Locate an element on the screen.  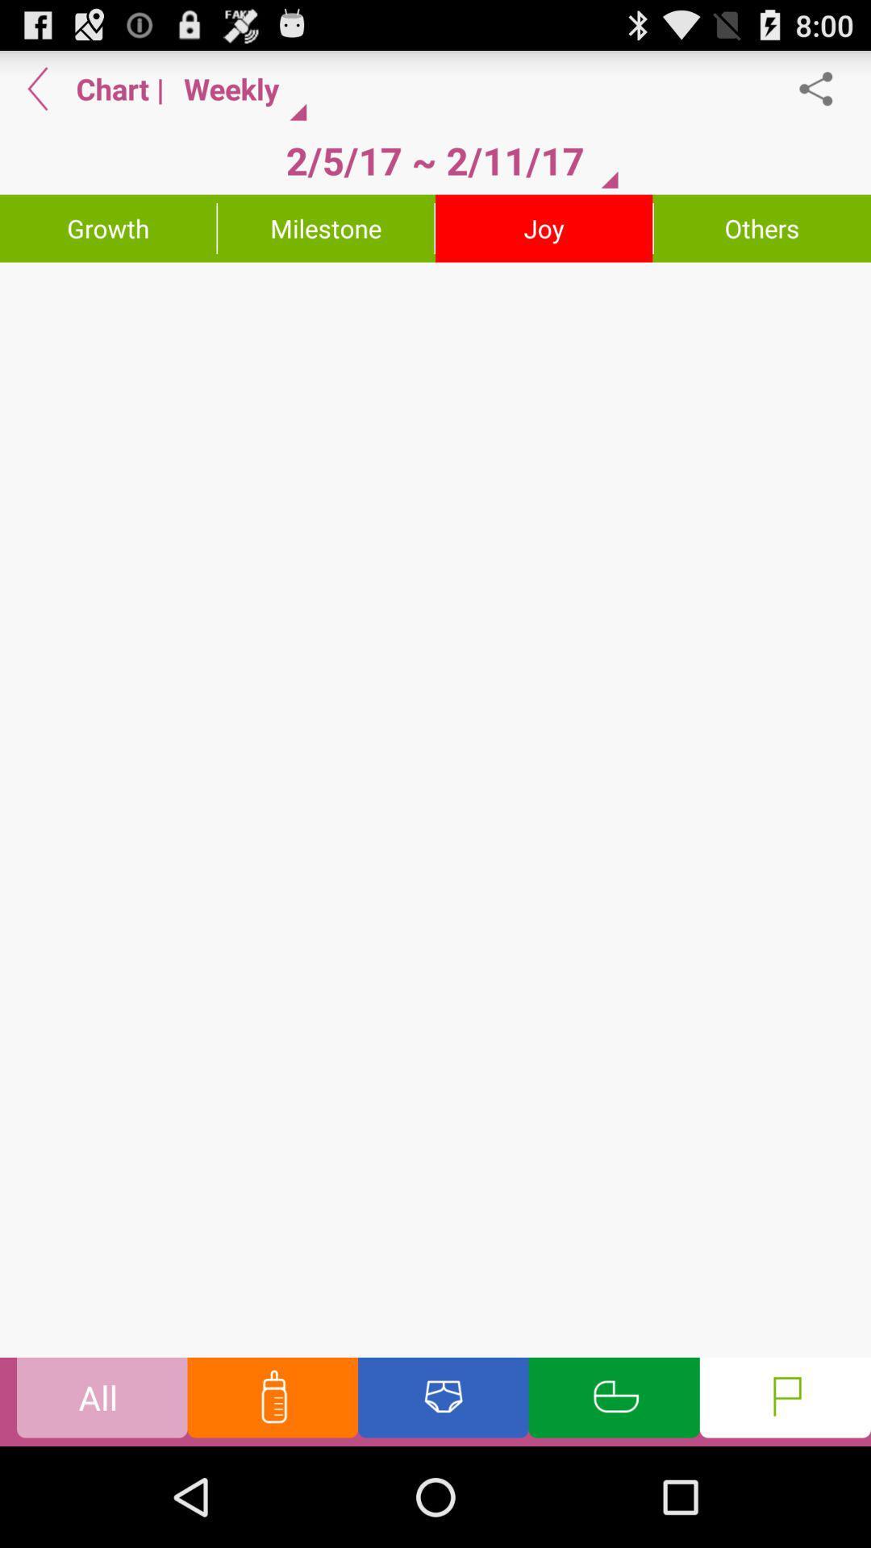
back is located at coordinates (37, 88).